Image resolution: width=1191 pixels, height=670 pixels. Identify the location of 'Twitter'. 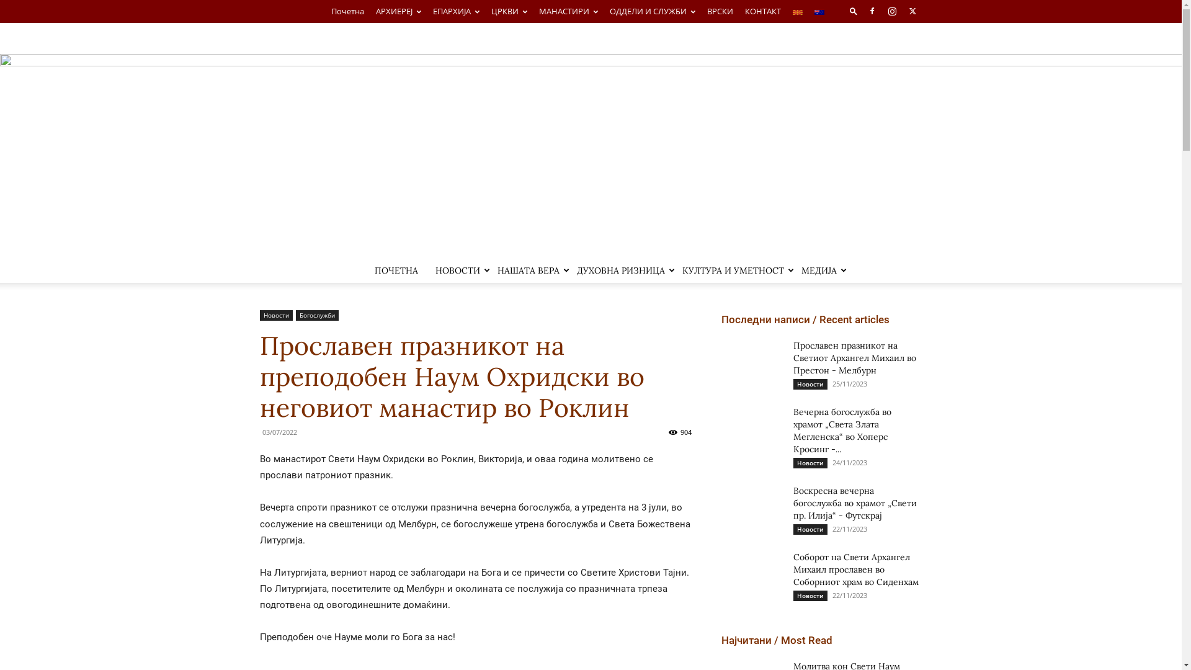
(912, 11).